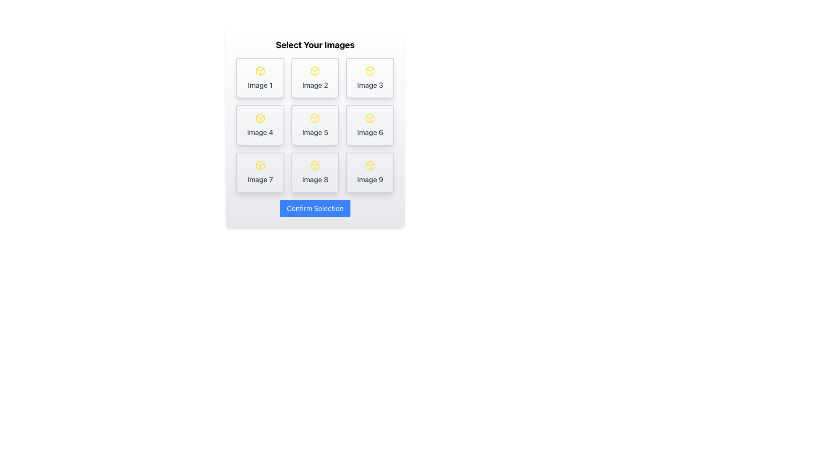  I want to click on text from the Text Label displaying 'Image 5' located in the second row and second column of a 3x3 grid, below an icon of a yellow 3D box, so click(315, 132).